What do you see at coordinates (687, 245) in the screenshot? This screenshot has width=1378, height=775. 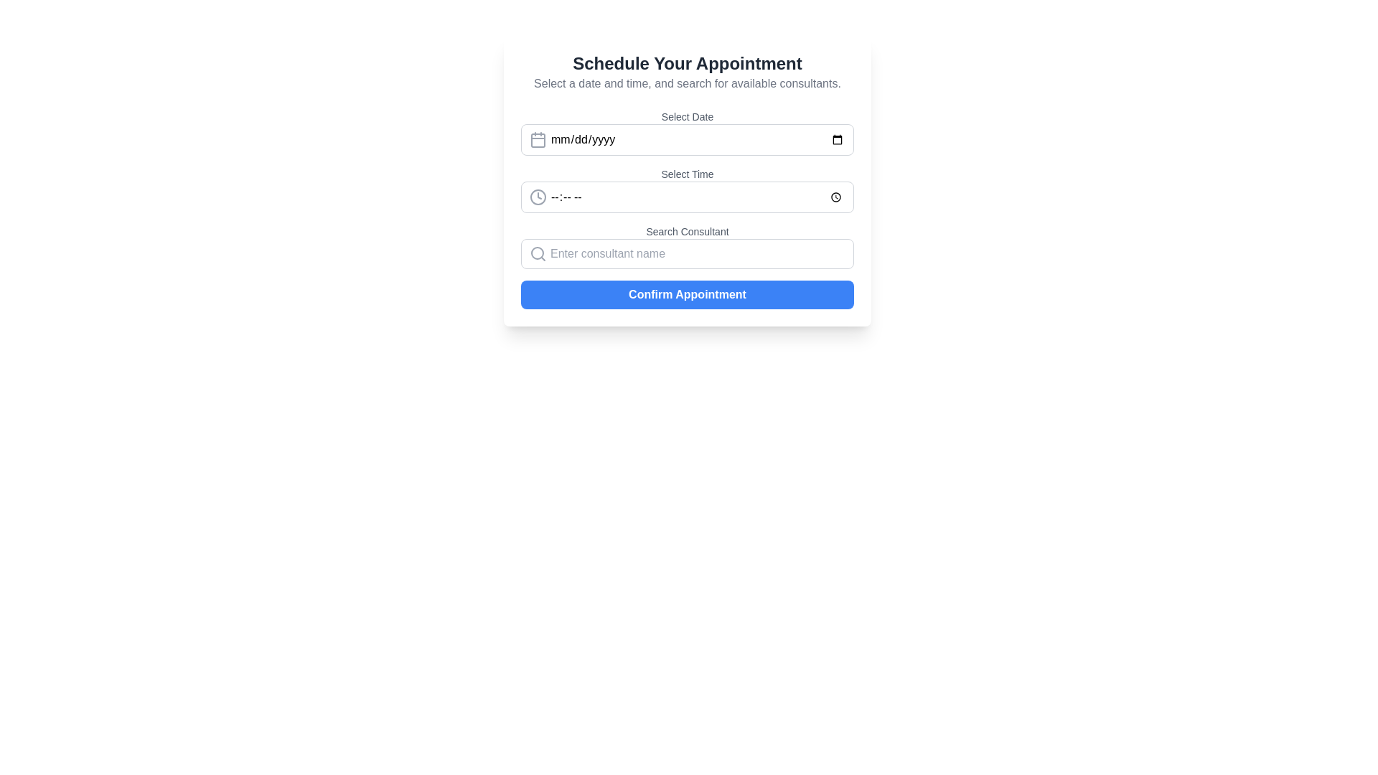 I see `the search input field titled 'Search Consultant', which is the third input in a list, located below the 'Select Time' field and above the 'Confirm Appointment' button` at bounding box center [687, 245].